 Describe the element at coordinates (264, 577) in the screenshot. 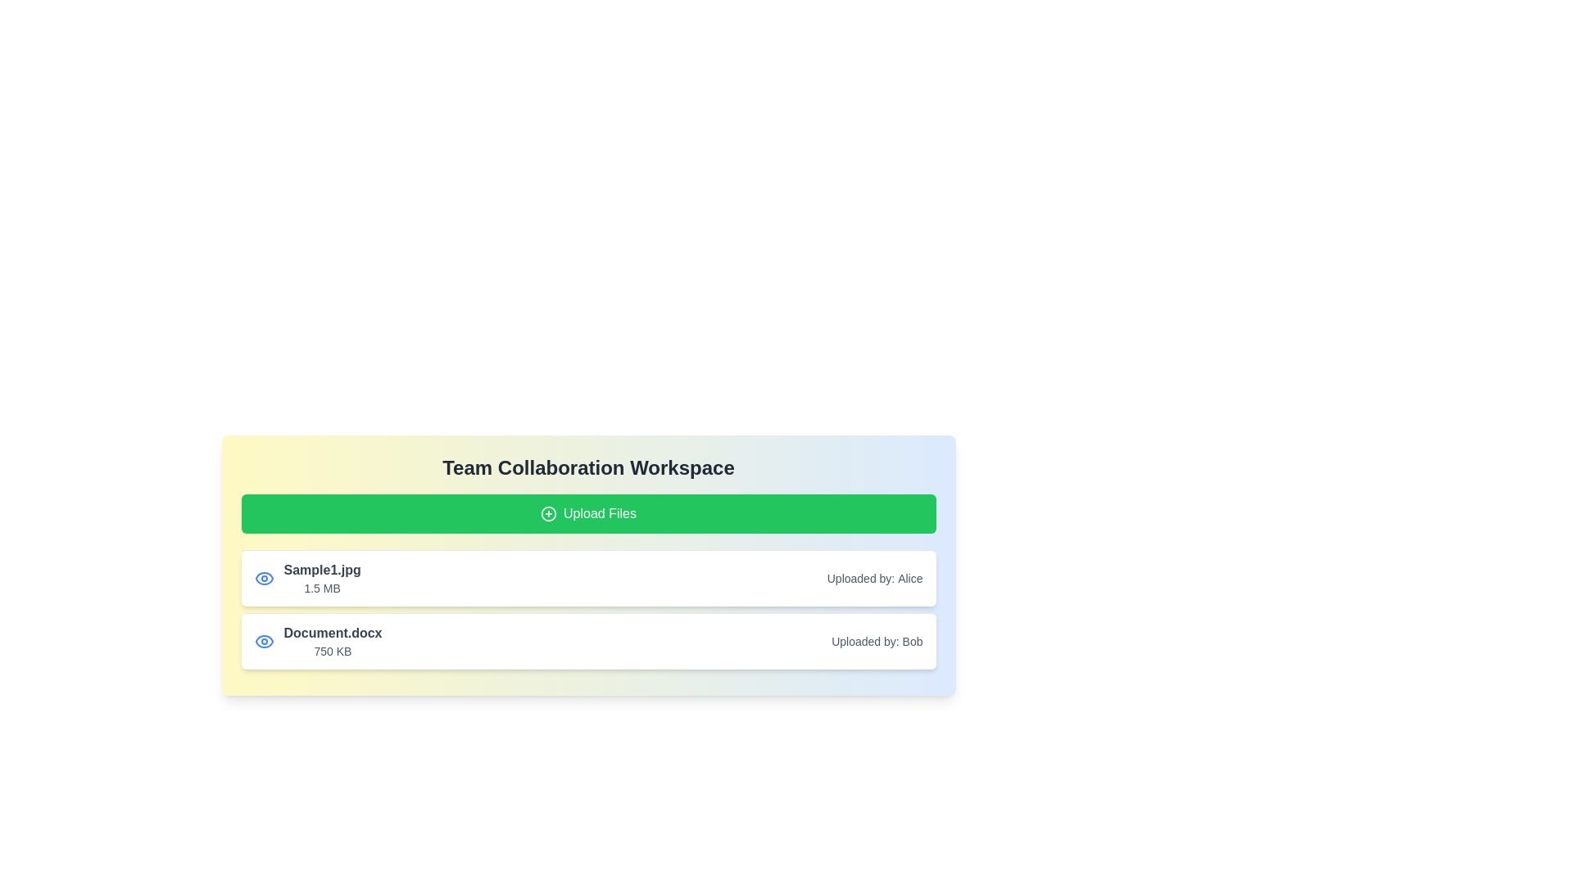

I see `the 'view' icon located to the left of the filename 'Sample1.jpg' in the file list item` at that location.